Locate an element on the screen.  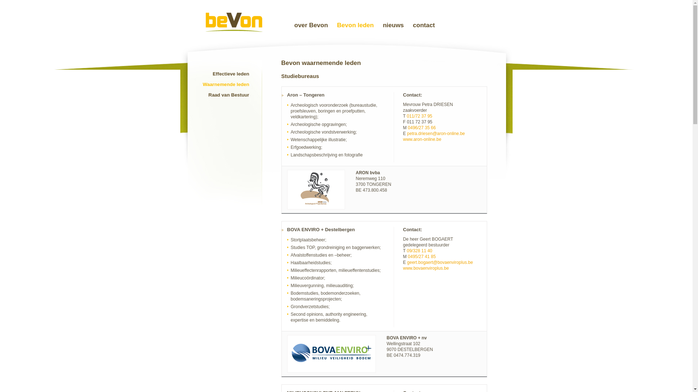
'Bevon leden' is located at coordinates (355, 25).